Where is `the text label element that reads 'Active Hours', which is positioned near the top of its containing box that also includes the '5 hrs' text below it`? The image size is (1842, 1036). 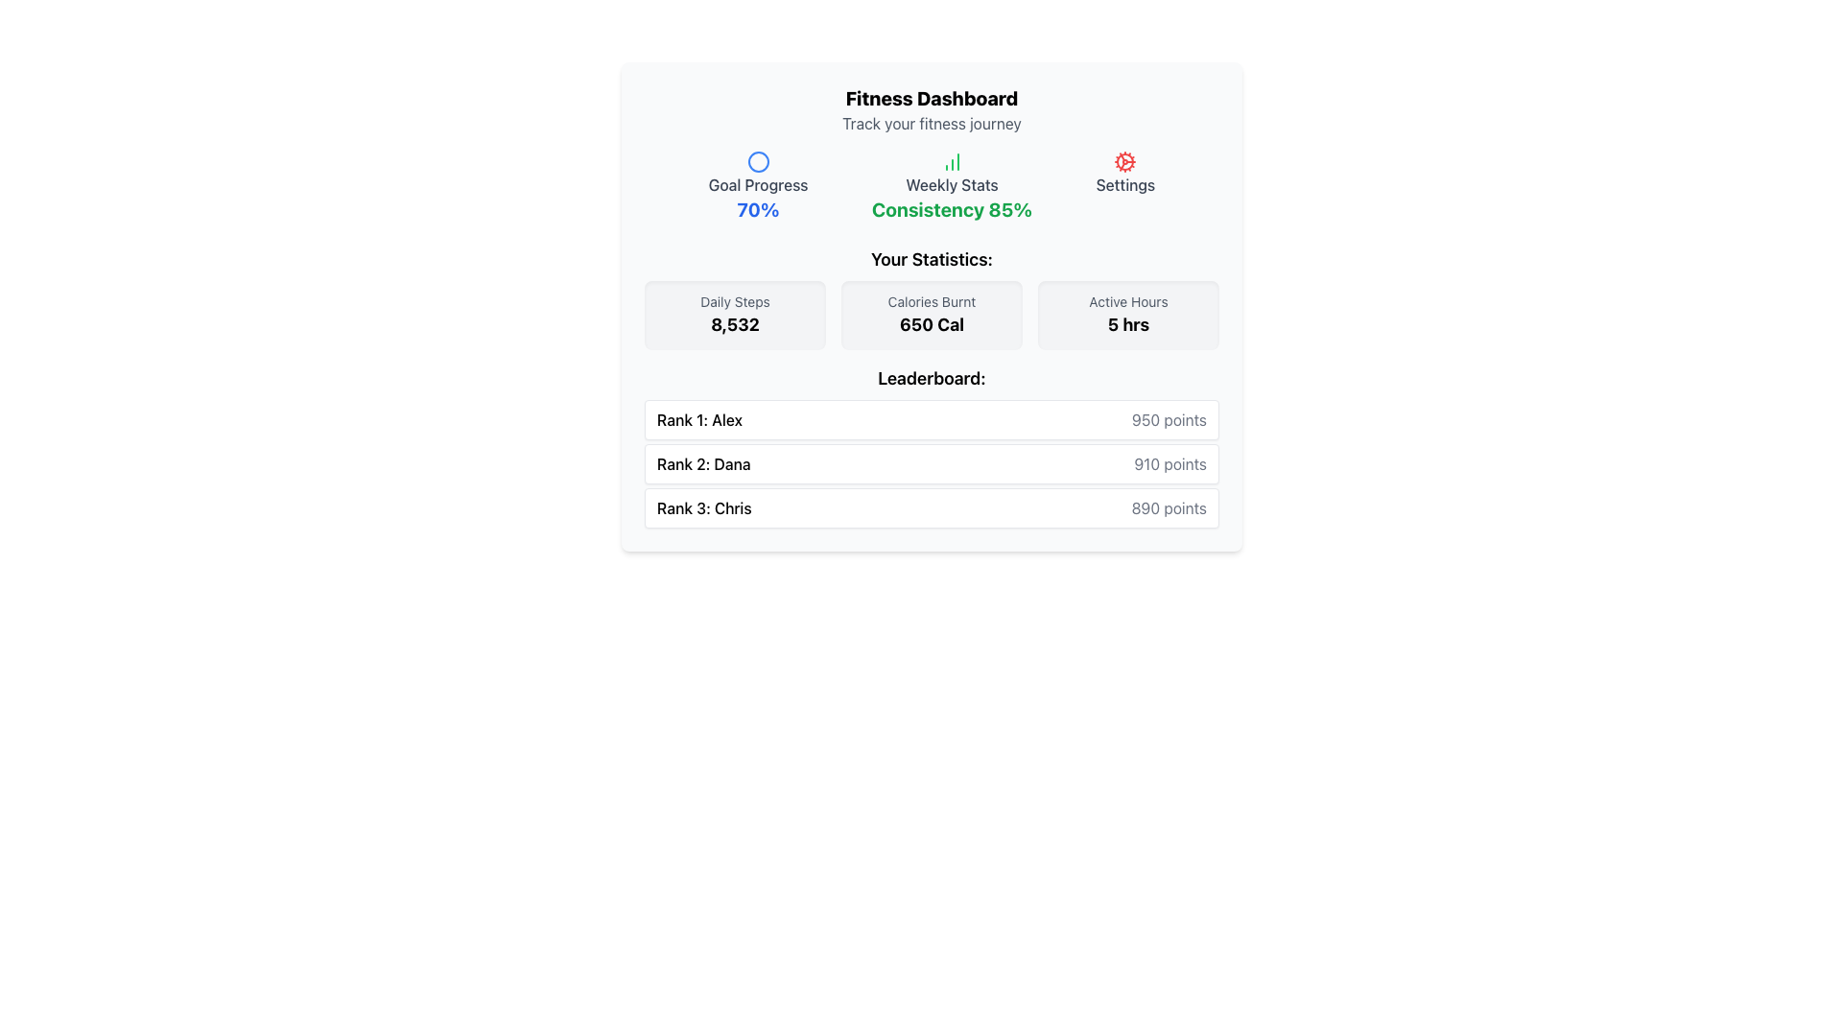 the text label element that reads 'Active Hours', which is positioned near the top of its containing box that also includes the '5 hrs' text below it is located at coordinates (1128, 302).